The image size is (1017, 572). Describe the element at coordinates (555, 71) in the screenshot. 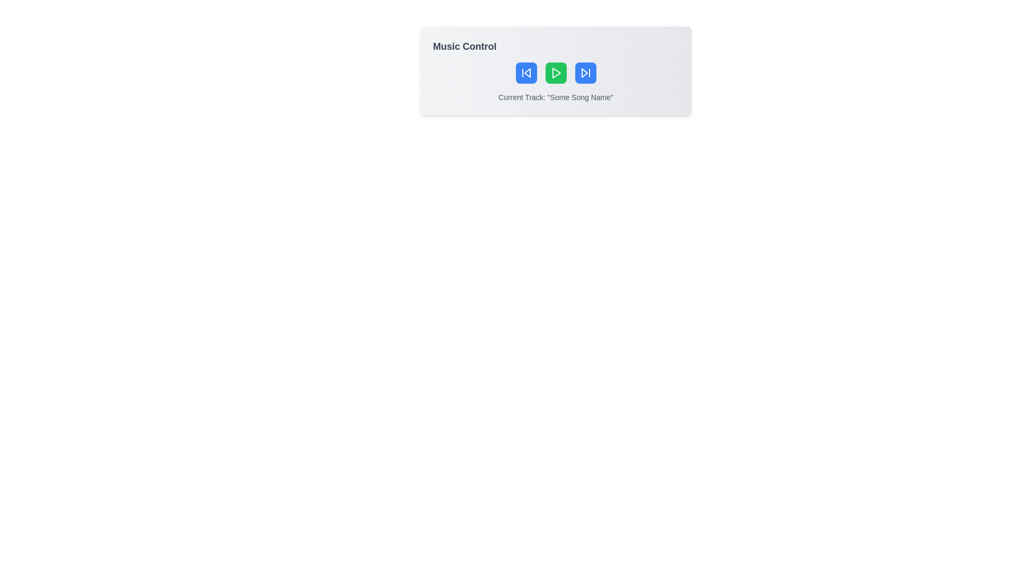

I see `the music control panel` at that location.